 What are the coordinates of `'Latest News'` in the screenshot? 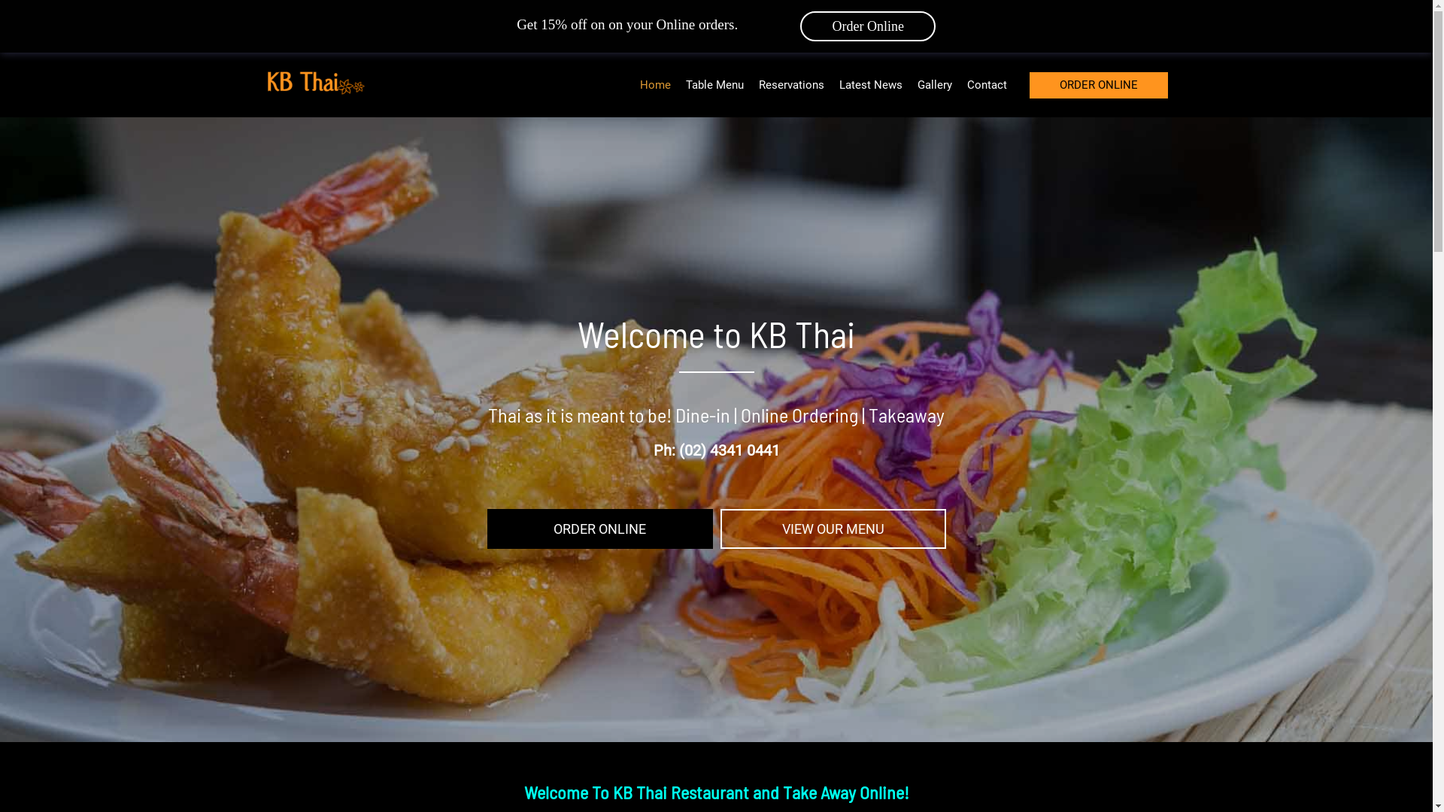 It's located at (870, 84).